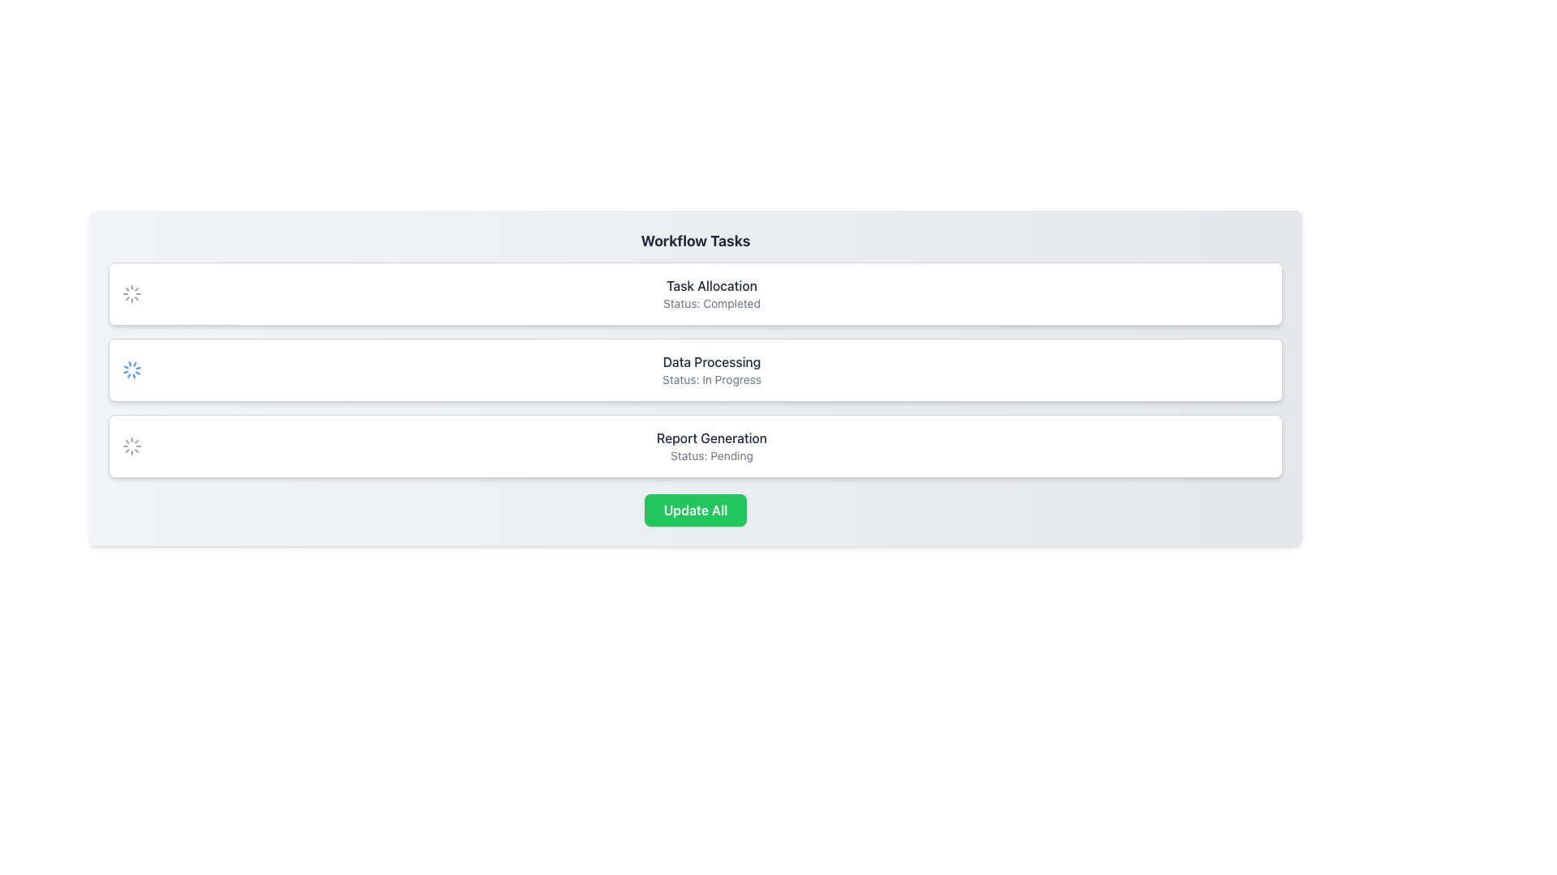 This screenshot has width=1557, height=875. I want to click on text displayed in the second text label indicating the current status of the task 'Data Processing', which is centrally aligned within its bordered section, so click(712, 380).